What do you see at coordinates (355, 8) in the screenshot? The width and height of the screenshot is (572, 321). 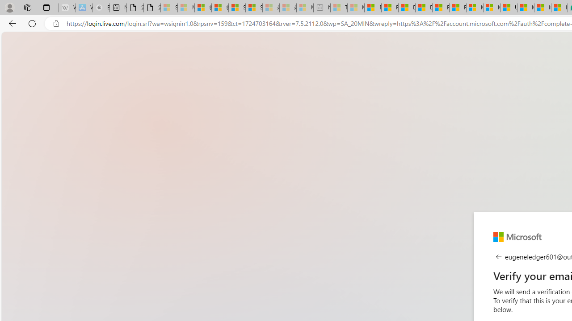 I see `'Marine life - MSN - Sleeping'` at bounding box center [355, 8].